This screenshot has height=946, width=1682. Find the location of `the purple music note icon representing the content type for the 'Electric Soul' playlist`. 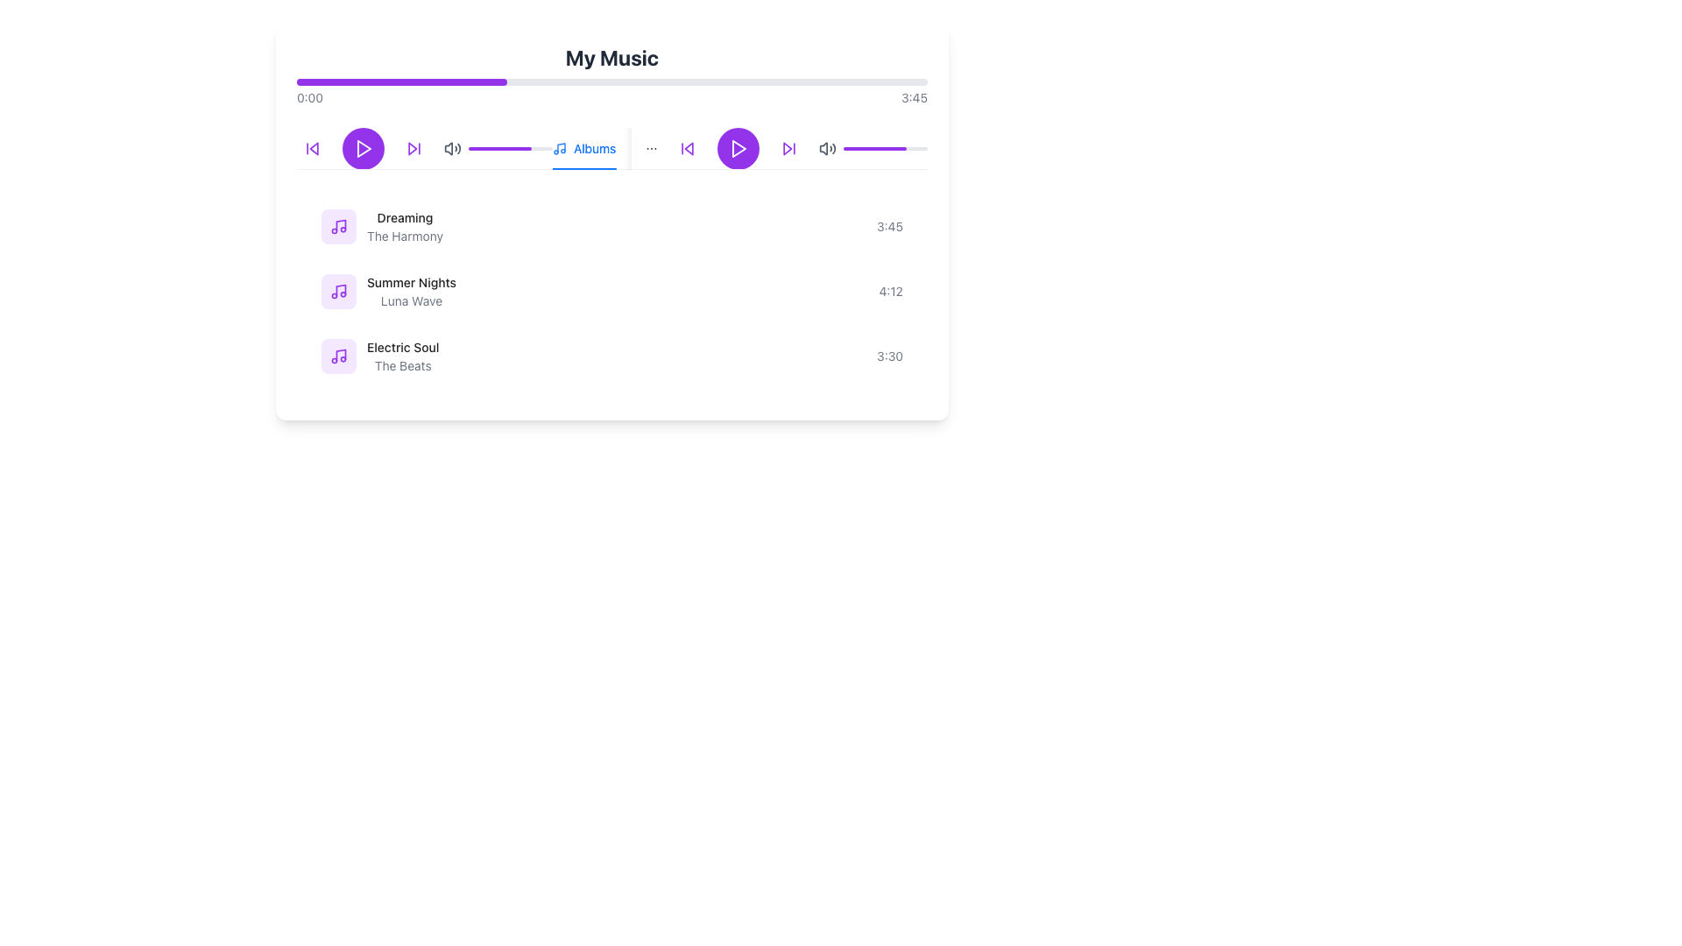

the purple music note icon representing the content type for the 'Electric Soul' playlist is located at coordinates (339, 356).